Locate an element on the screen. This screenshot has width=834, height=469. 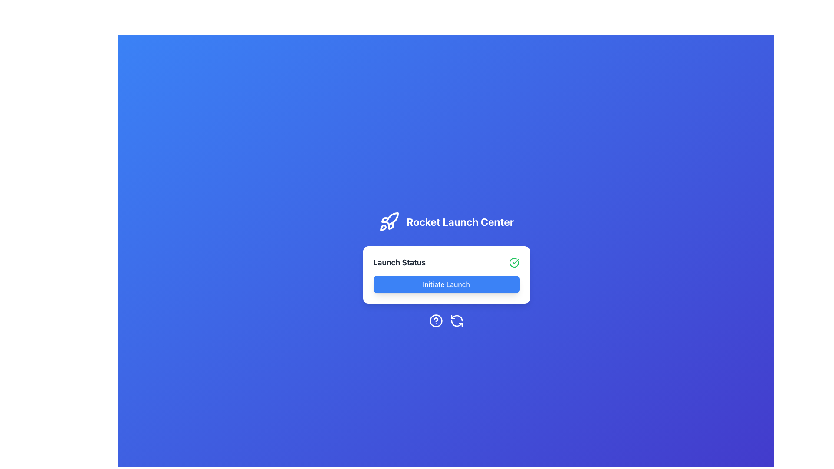
the right circular button icon in the horizontal group, which is intended for reloading or refreshing content, located just below the 'Initiate Launch' button is located at coordinates (446, 321).